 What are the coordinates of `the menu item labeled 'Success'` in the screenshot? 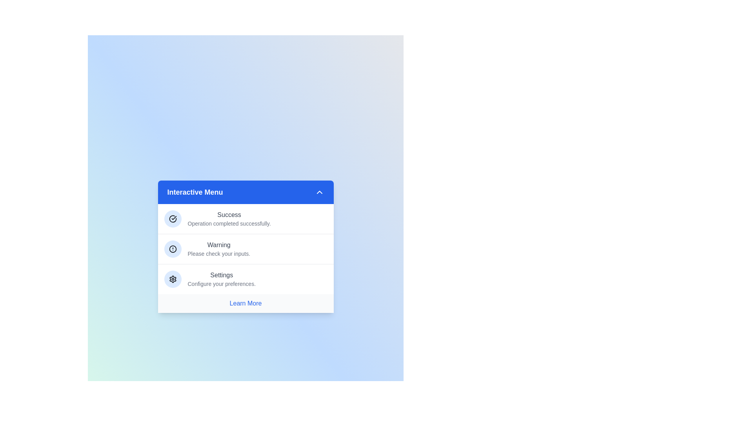 It's located at (245, 219).